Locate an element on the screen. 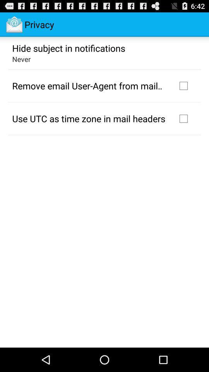 The width and height of the screenshot is (209, 372). the app below the hide subject in item is located at coordinates (21, 59).